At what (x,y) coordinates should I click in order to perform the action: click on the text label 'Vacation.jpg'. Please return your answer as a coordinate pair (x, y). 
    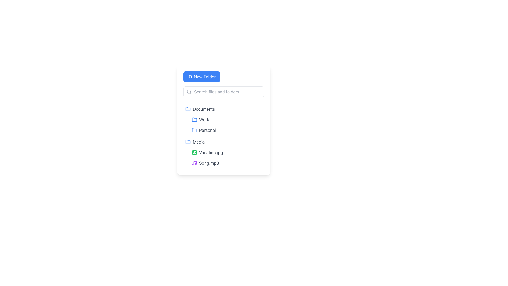
    Looking at the image, I should click on (211, 152).